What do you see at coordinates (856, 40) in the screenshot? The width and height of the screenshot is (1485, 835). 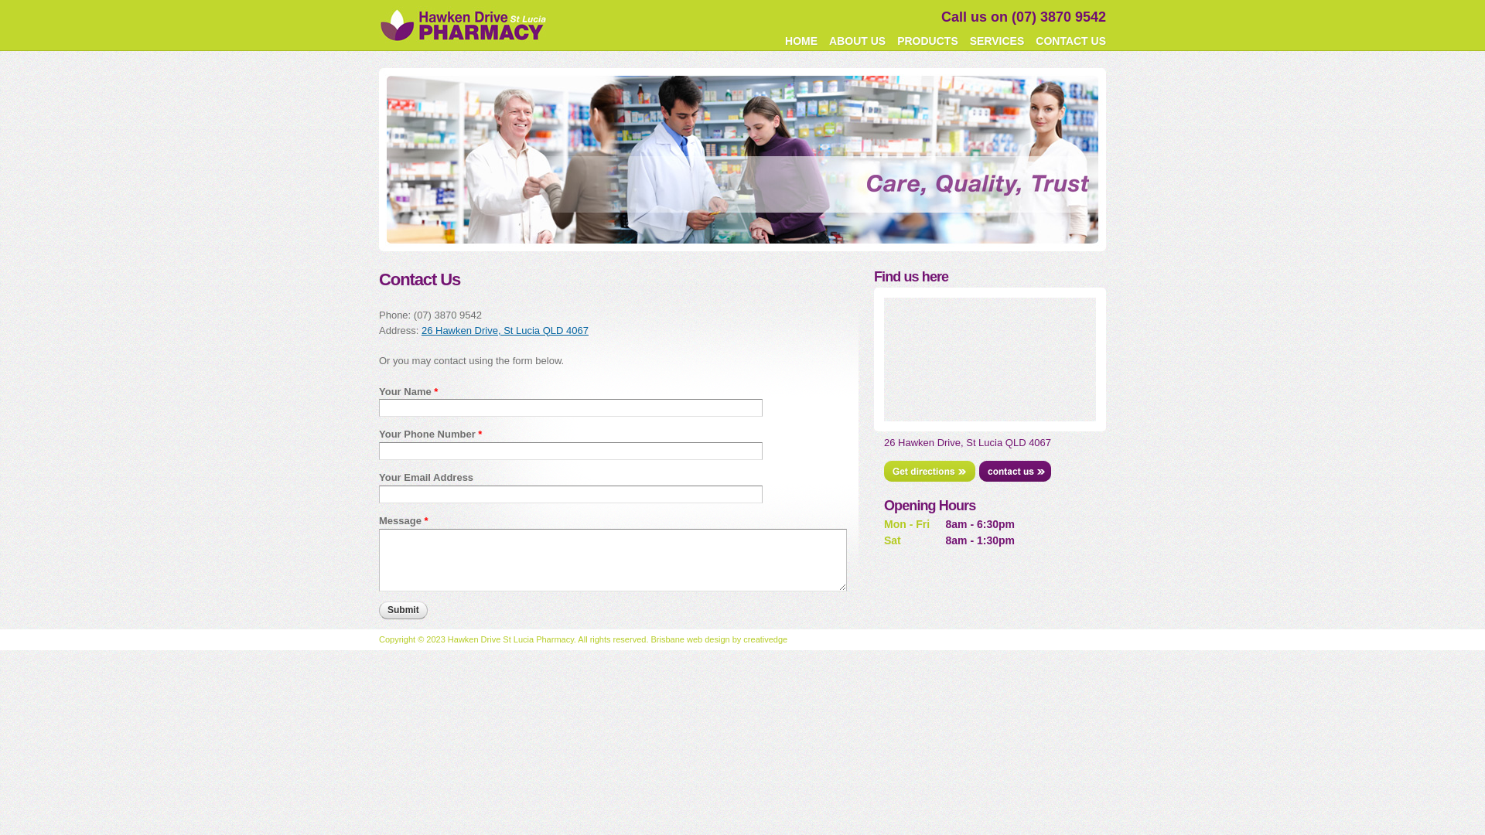 I see `'ABOUT US'` at bounding box center [856, 40].